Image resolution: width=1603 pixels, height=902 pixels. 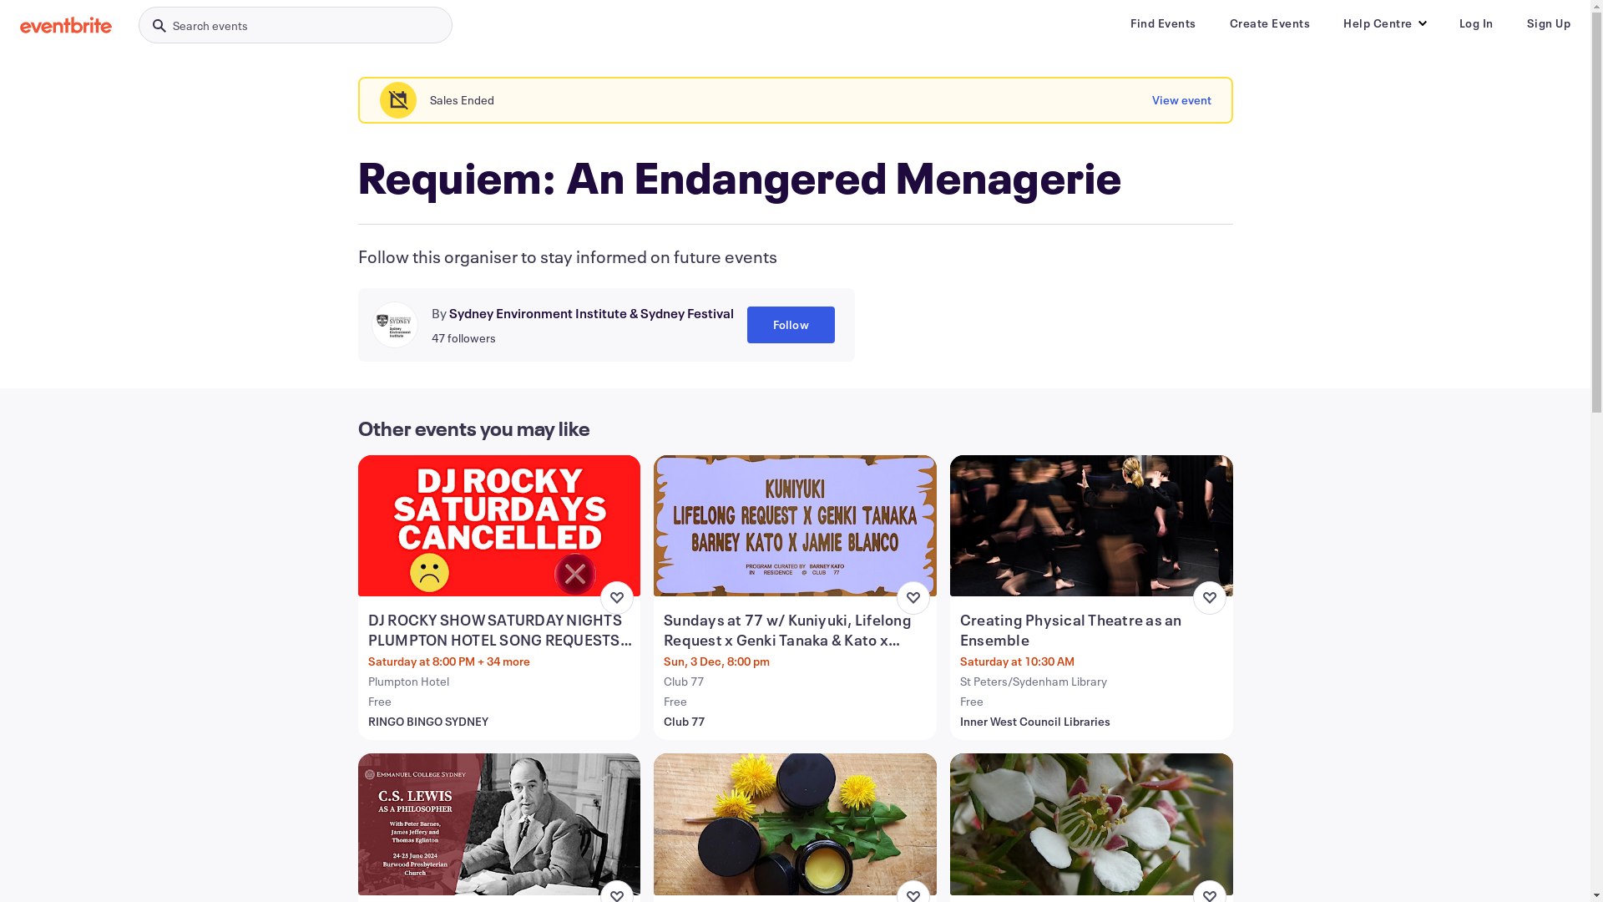 I want to click on 'Find Events', so click(x=1162, y=23).